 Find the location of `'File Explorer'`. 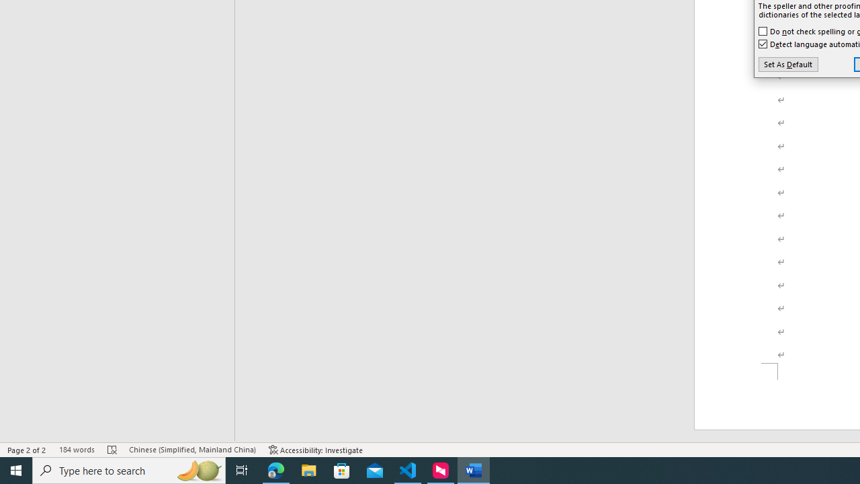

'File Explorer' is located at coordinates (308, 469).